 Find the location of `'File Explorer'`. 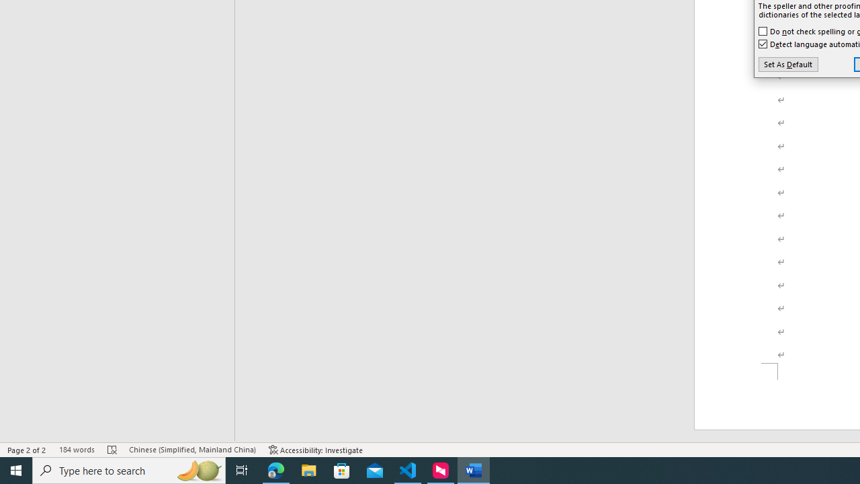

'File Explorer' is located at coordinates (308, 469).